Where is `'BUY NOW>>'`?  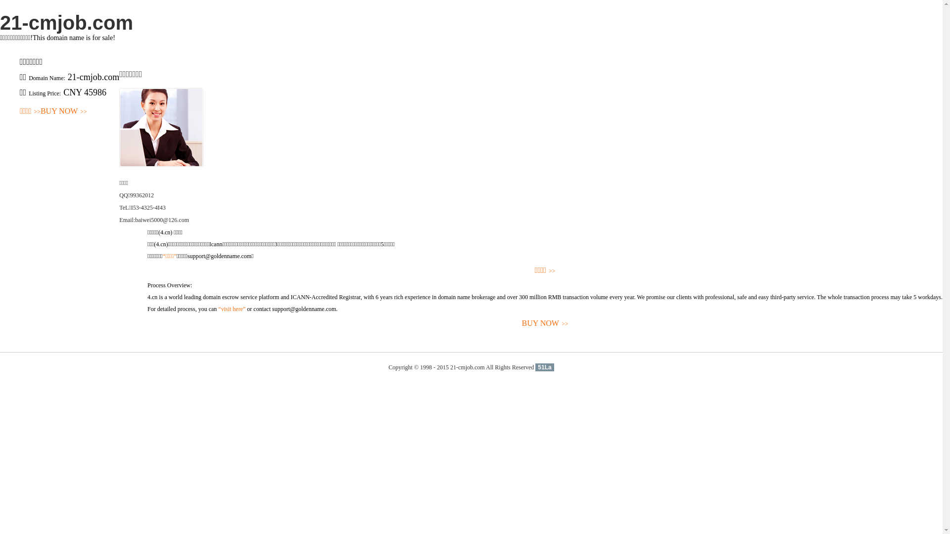 'BUY NOW>>' is located at coordinates (63, 111).